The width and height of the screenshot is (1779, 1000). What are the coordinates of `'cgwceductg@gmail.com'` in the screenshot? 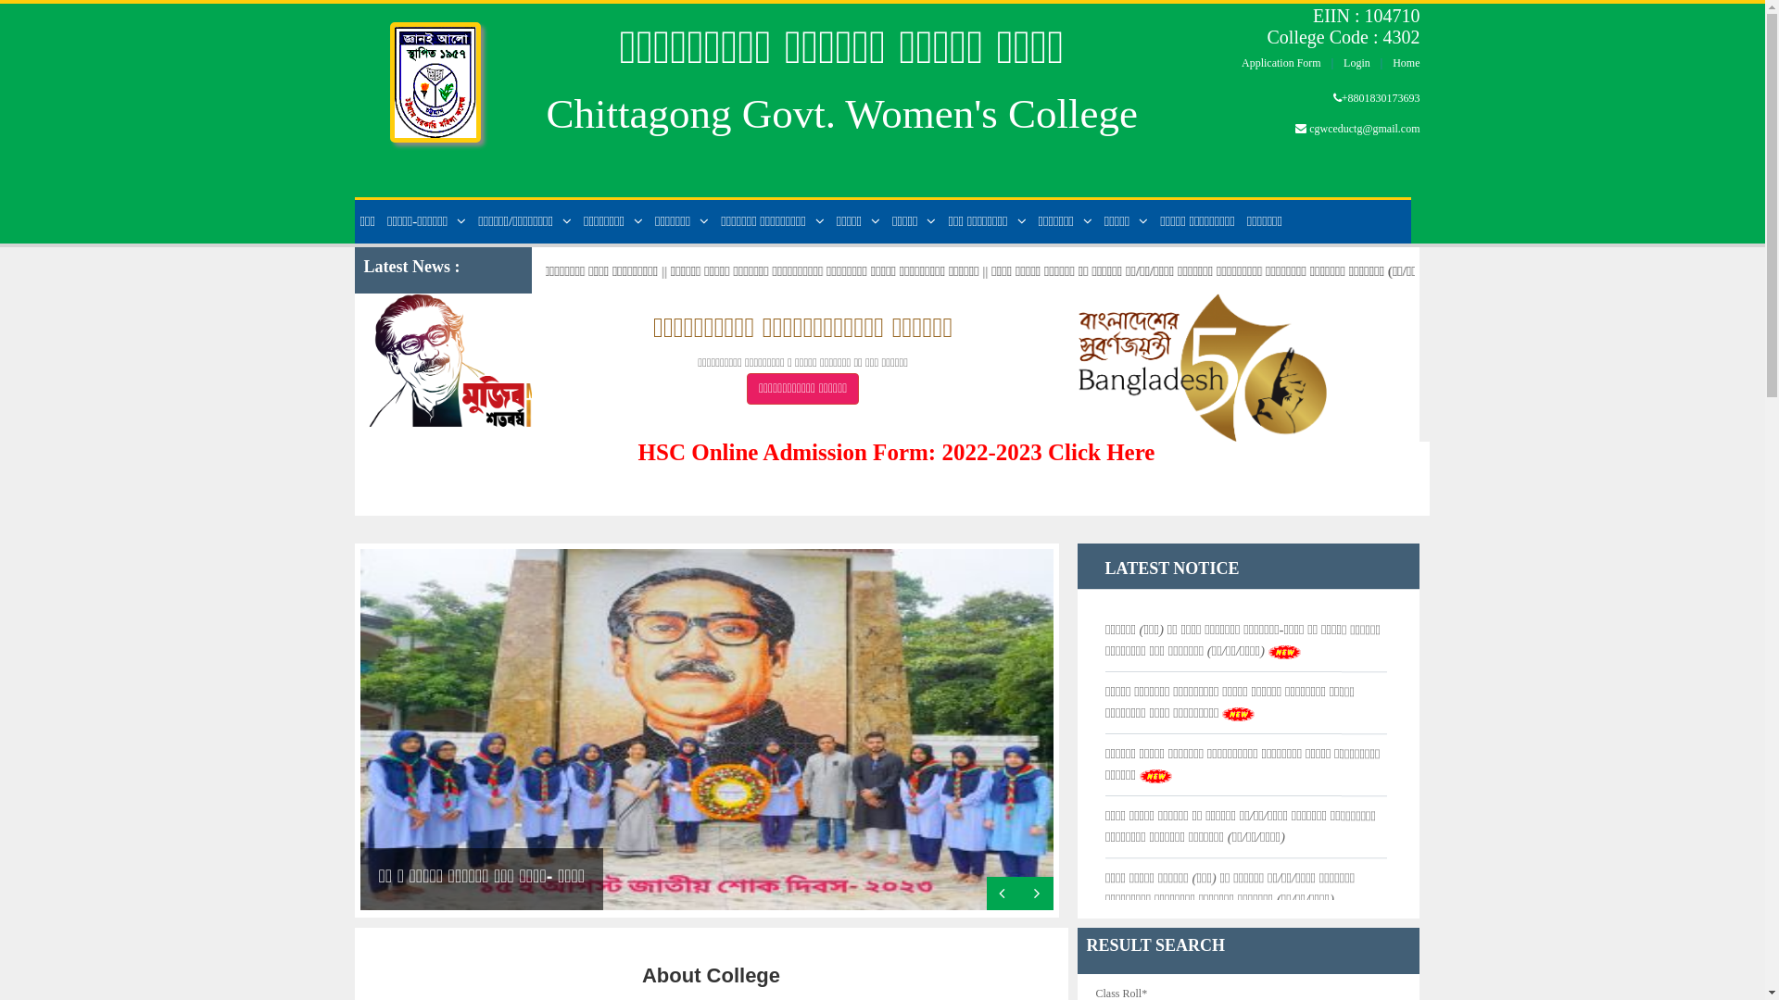 It's located at (1364, 127).